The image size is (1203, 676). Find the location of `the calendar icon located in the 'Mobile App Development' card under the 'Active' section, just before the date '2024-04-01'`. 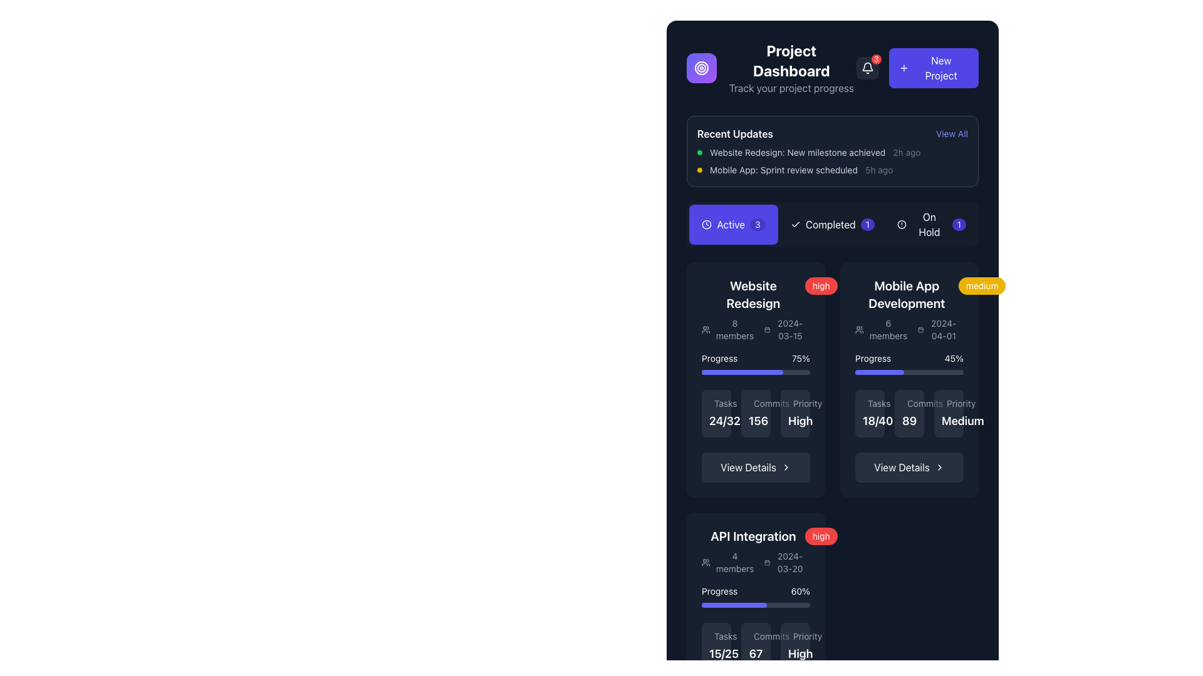

the calendar icon located in the 'Mobile App Development' card under the 'Active' section, just before the date '2024-04-01' is located at coordinates (921, 329).